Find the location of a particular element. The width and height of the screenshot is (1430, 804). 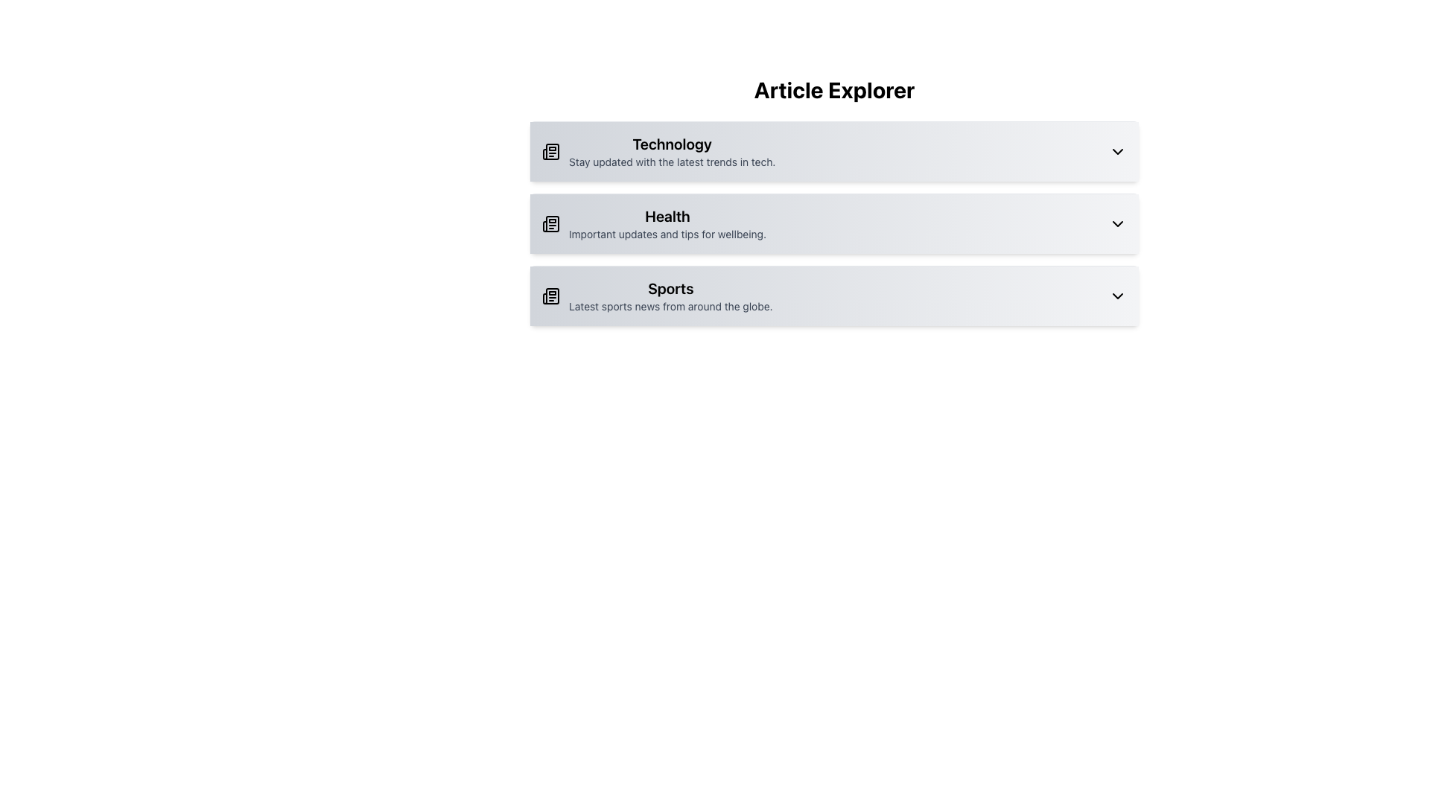

the header and description of the 'Technology' section Text Block is located at coordinates (671, 152).